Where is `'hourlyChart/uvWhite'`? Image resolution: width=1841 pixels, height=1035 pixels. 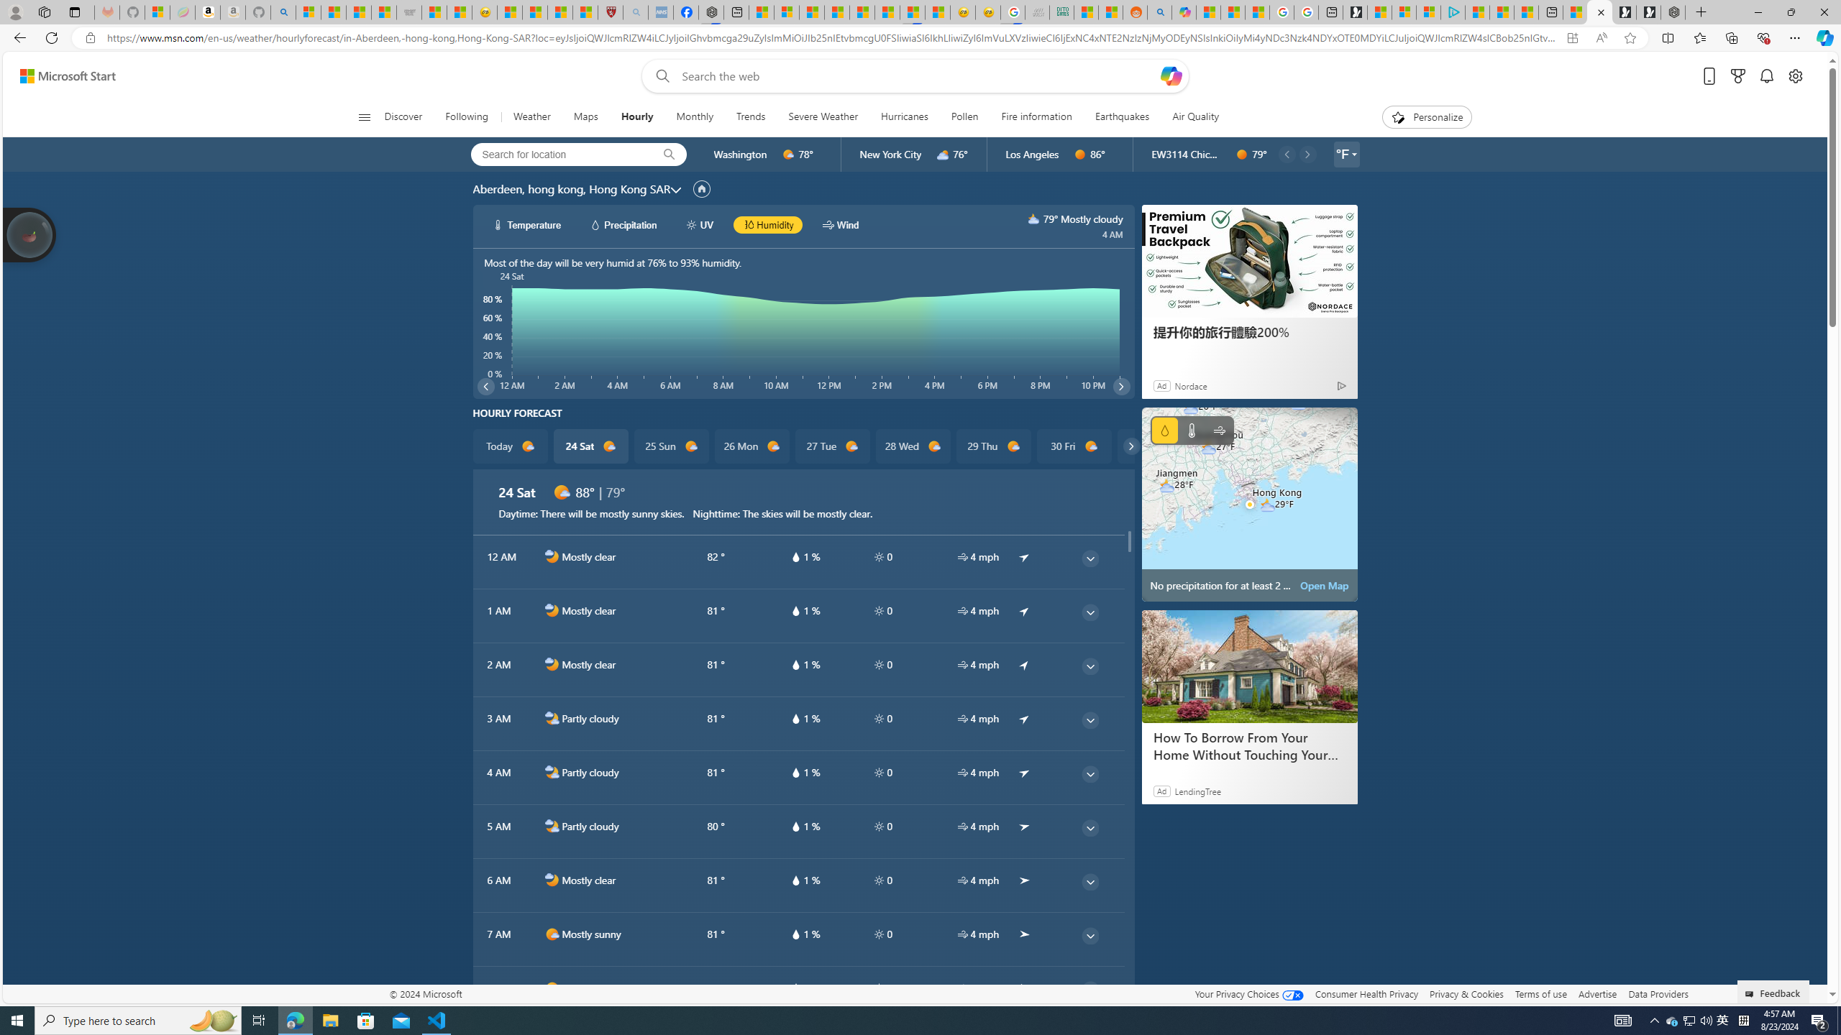 'hourlyChart/uvWhite' is located at coordinates (691, 224).